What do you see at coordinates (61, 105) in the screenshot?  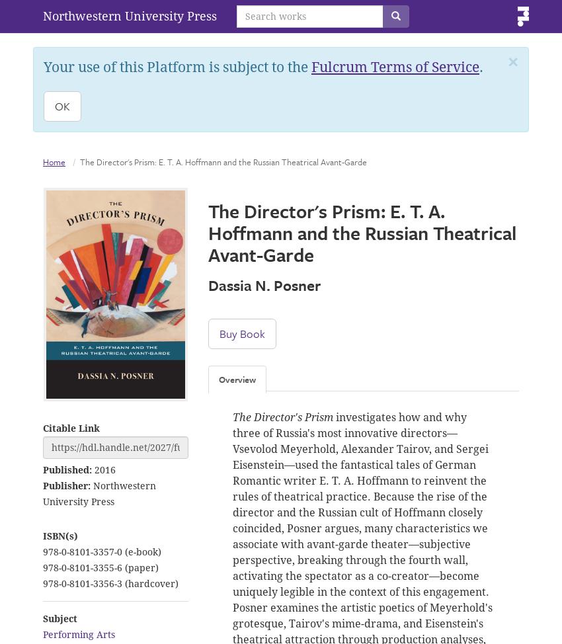 I see `'OK'` at bounding box center [61, 105].